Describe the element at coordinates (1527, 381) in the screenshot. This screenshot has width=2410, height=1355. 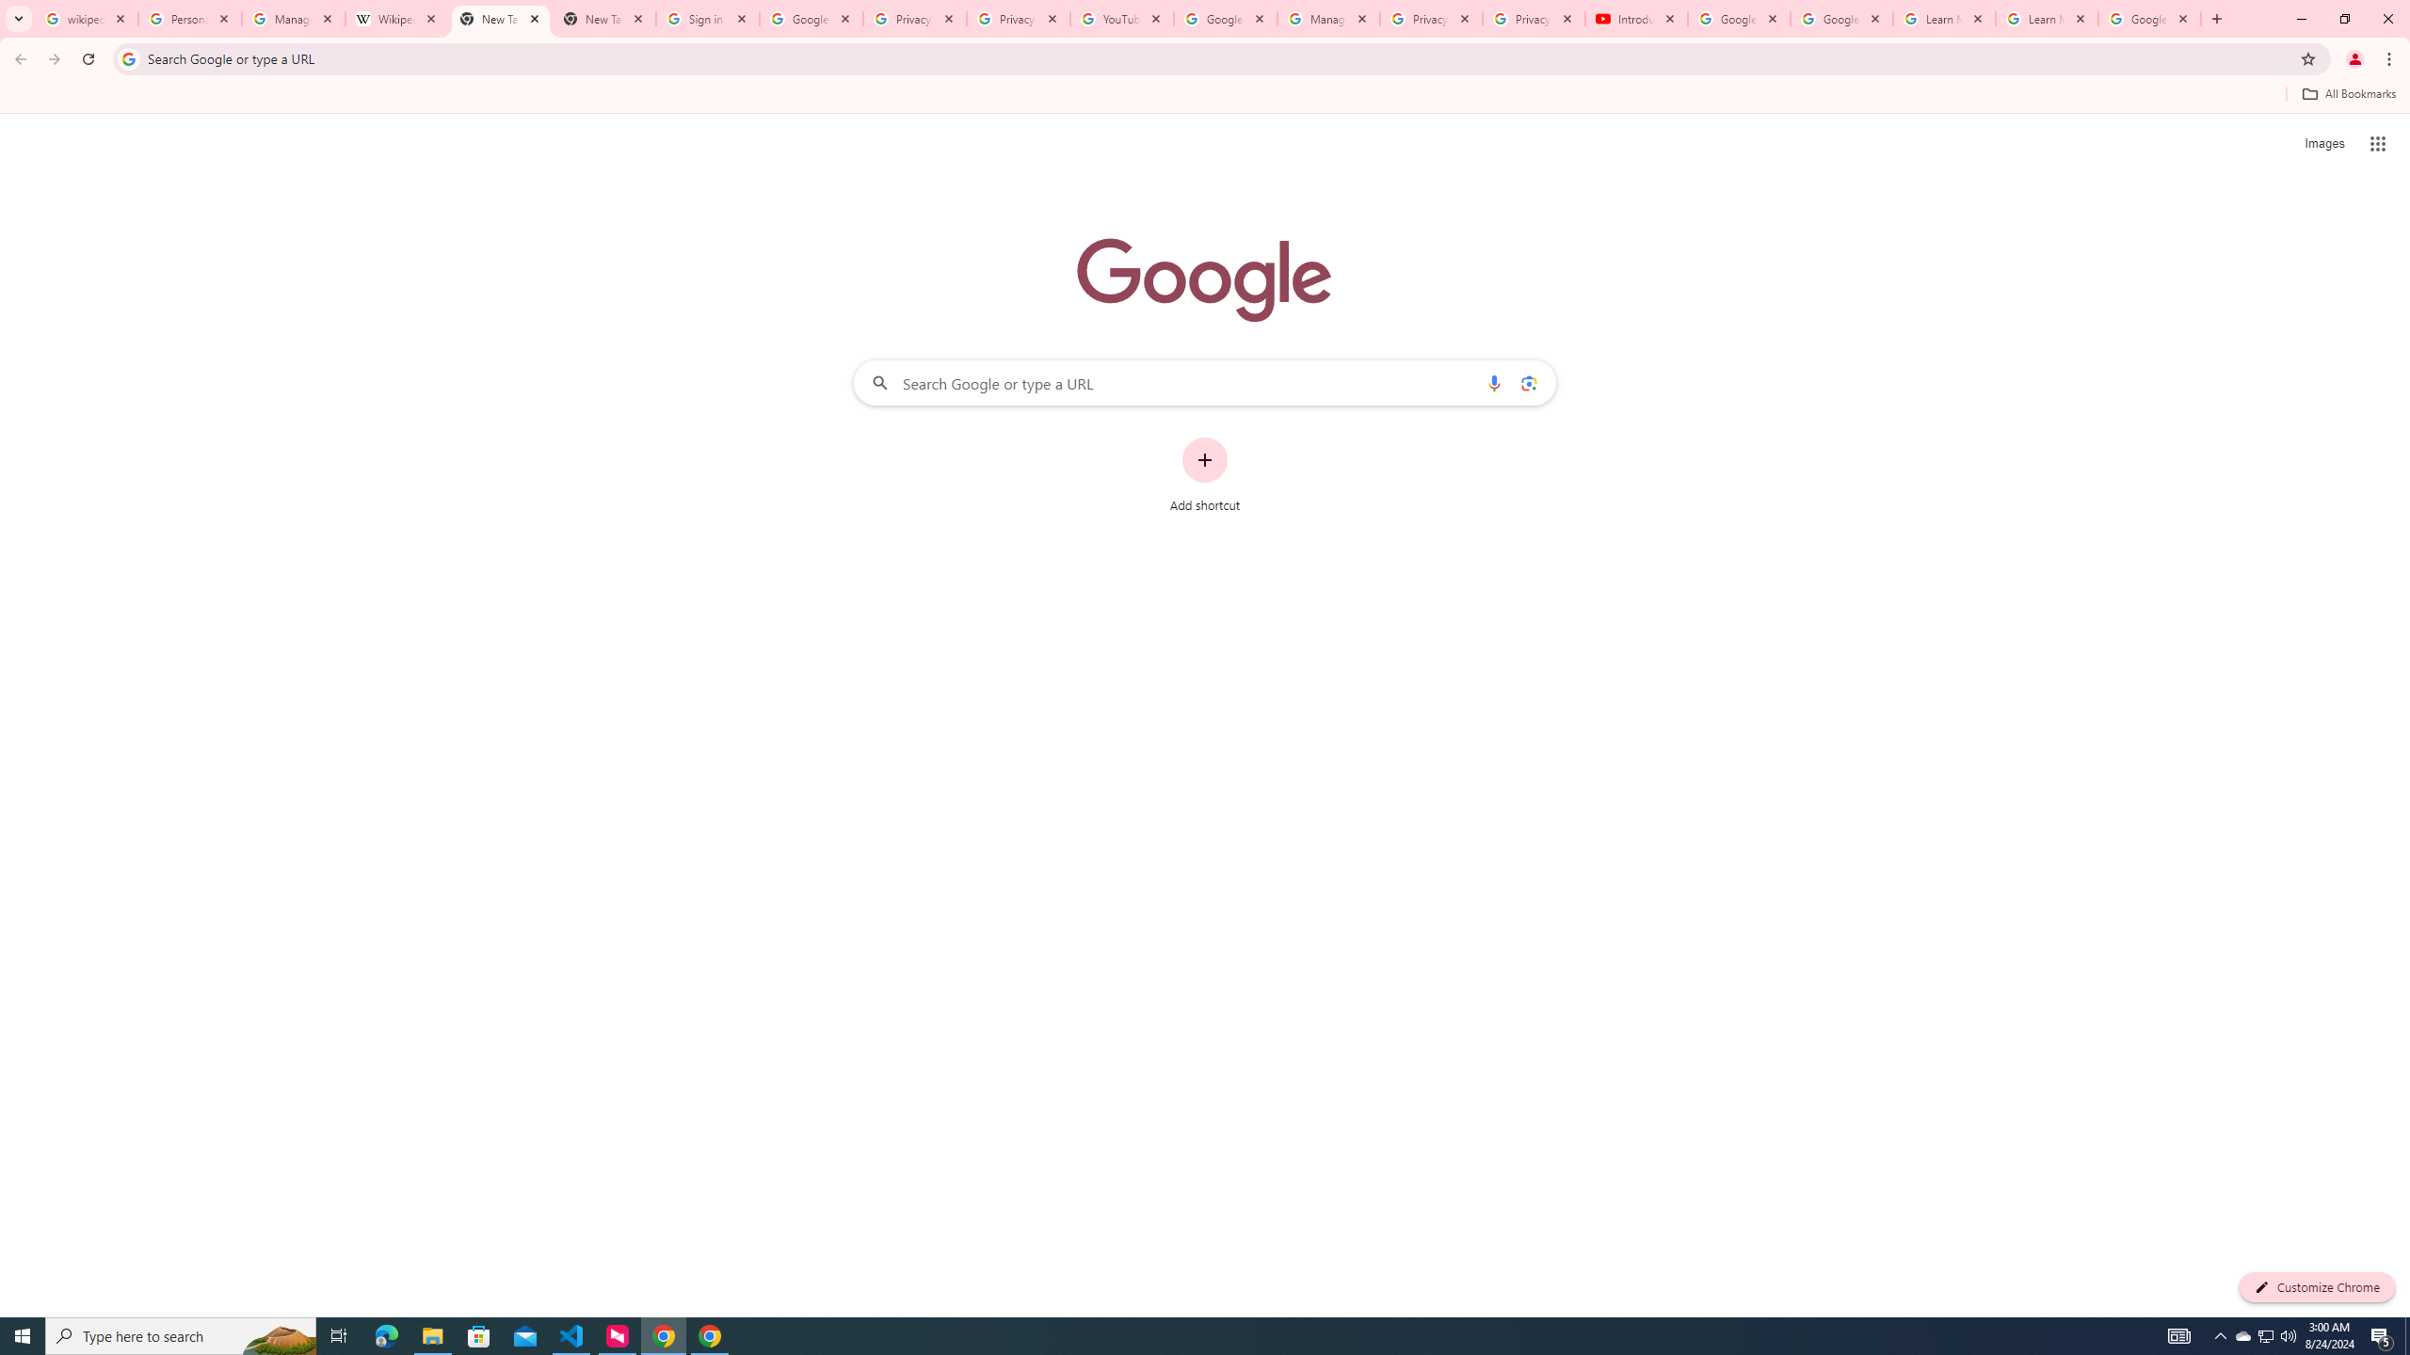
I see `'Search by image'` at that location.